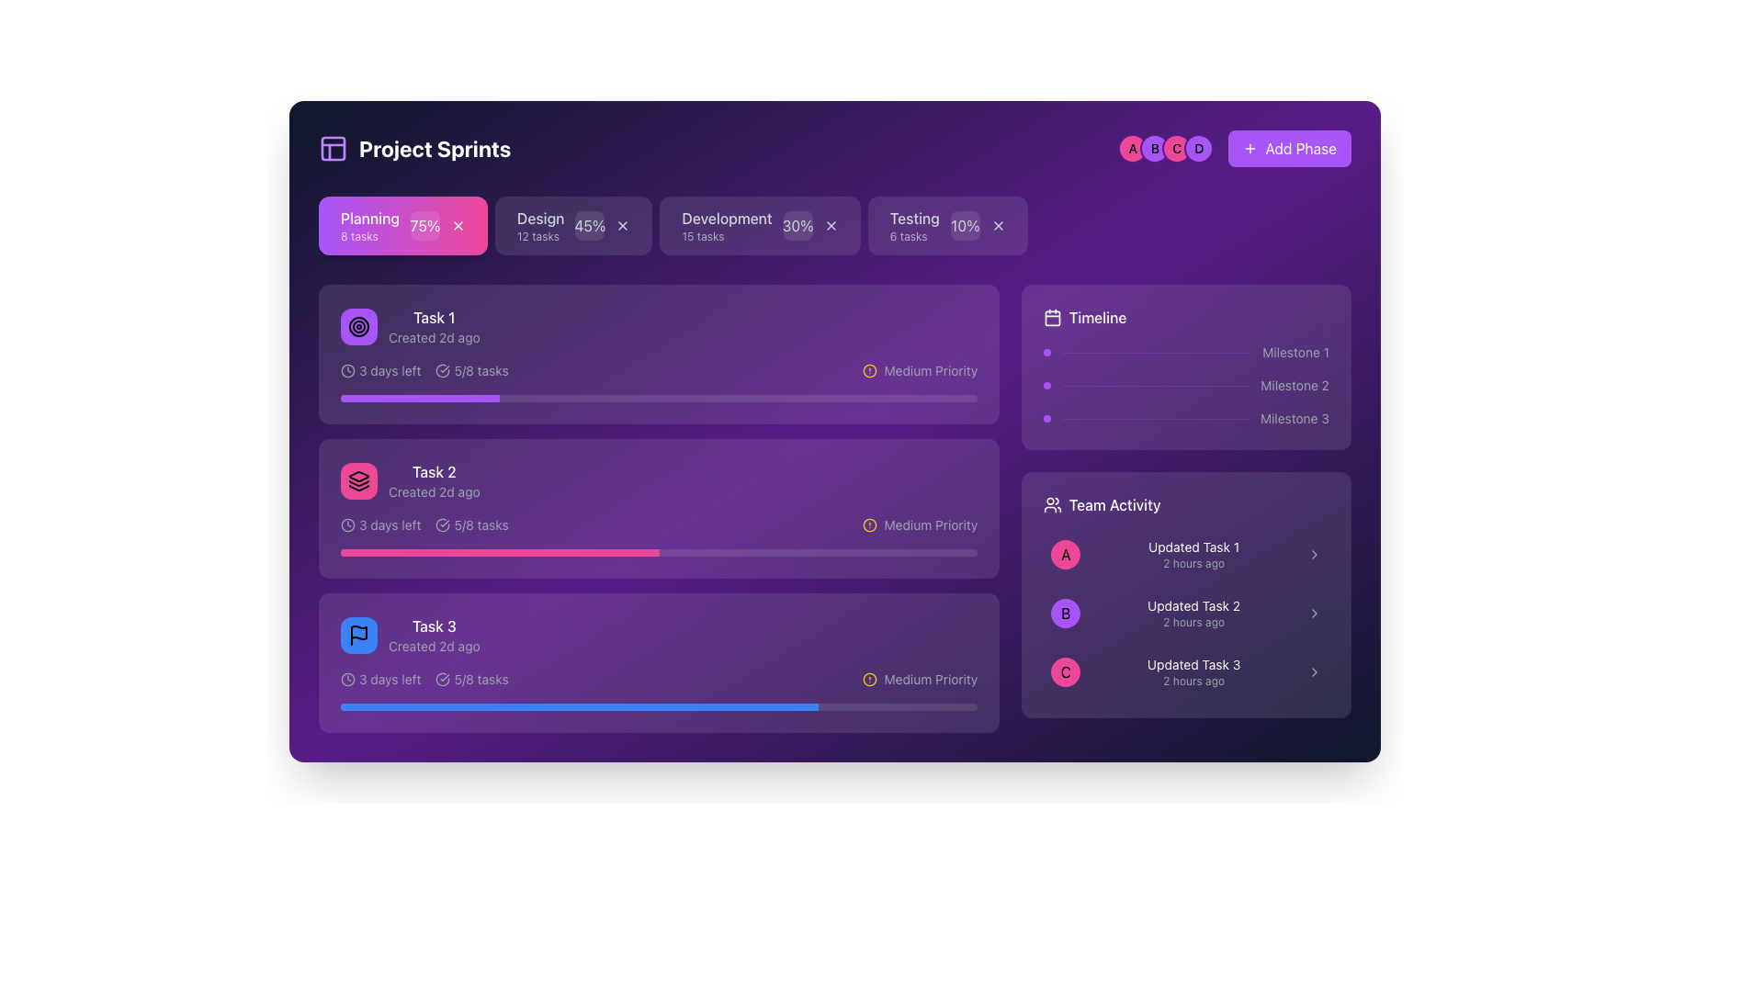 Image resolution: width=1764 pixels, height=992 pixels. What do you see at coordinates (348, 524) in the screenshot?
I see `the time-related icon that is located immediately preceding the text '3 days left' in the row for 'Task 2' within the 'Planning' section` at bounding box center [348, 524].